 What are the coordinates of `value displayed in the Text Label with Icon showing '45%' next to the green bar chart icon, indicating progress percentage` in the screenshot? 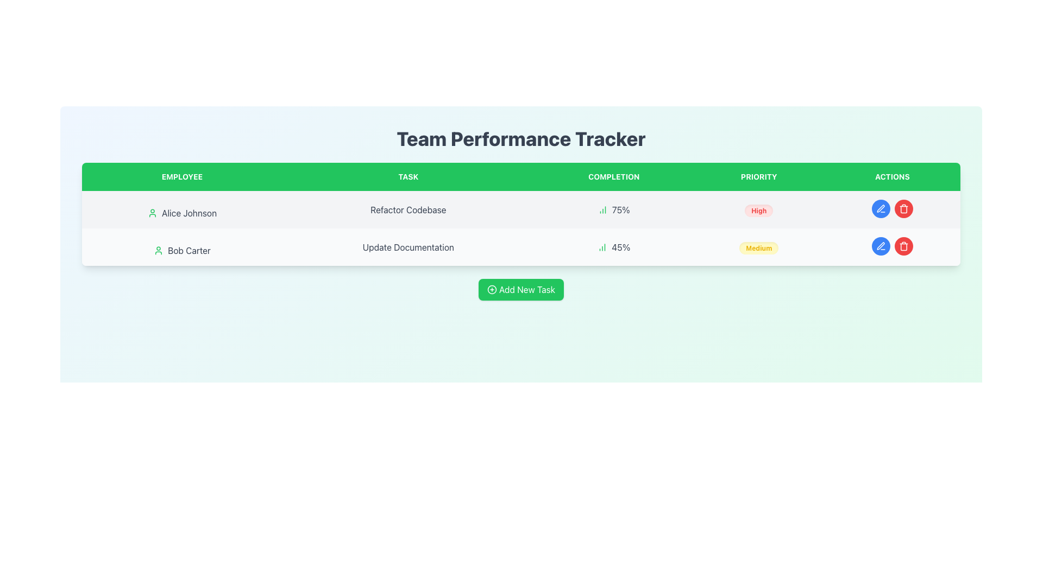 It's located at (614, 247).